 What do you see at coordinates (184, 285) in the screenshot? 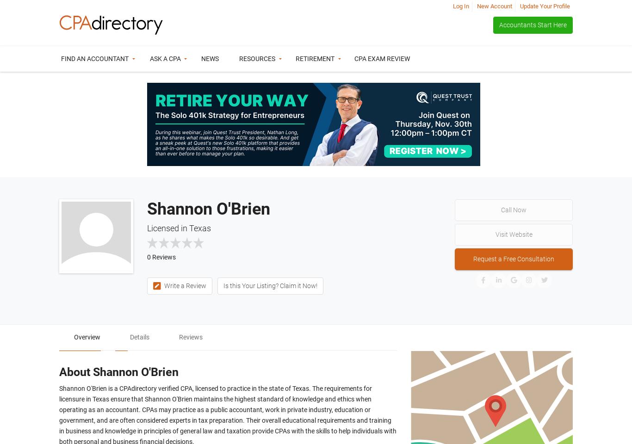
I see `'Write a Review'` at bounding box center [184, 285].